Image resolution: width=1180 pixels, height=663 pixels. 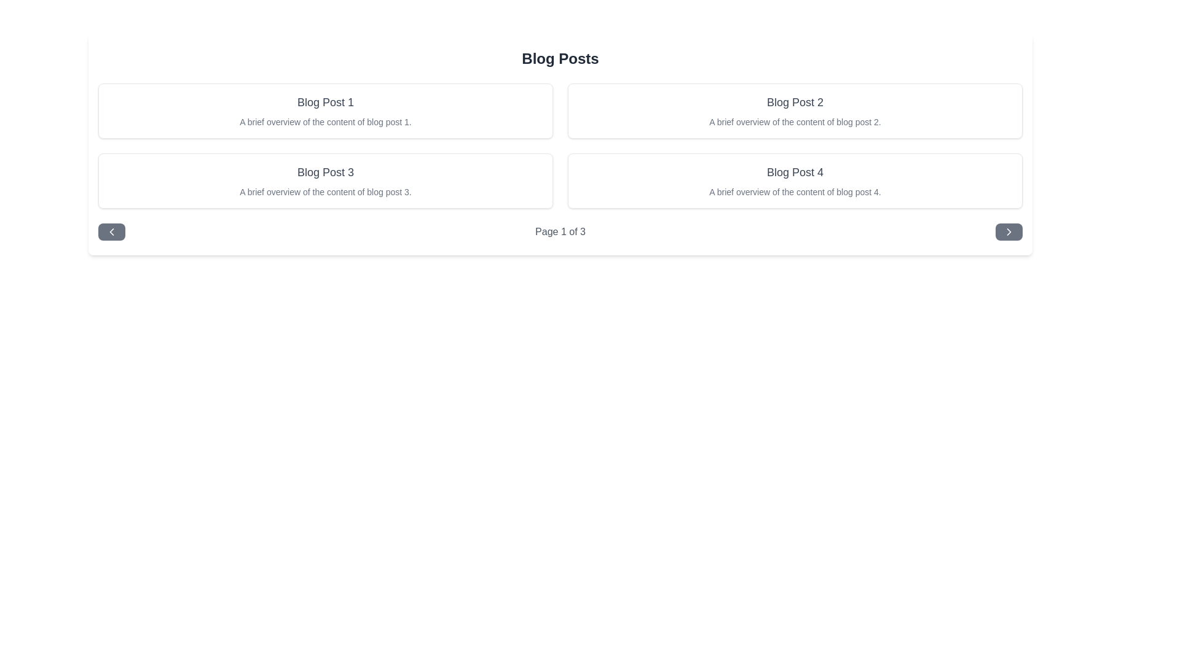 I want to click on text label that displays 'A brief overview of the content of blog post 4.' located under the heading 'Blog Post 4' in the bottom-right card of the interface, so click(x=795, y=192).